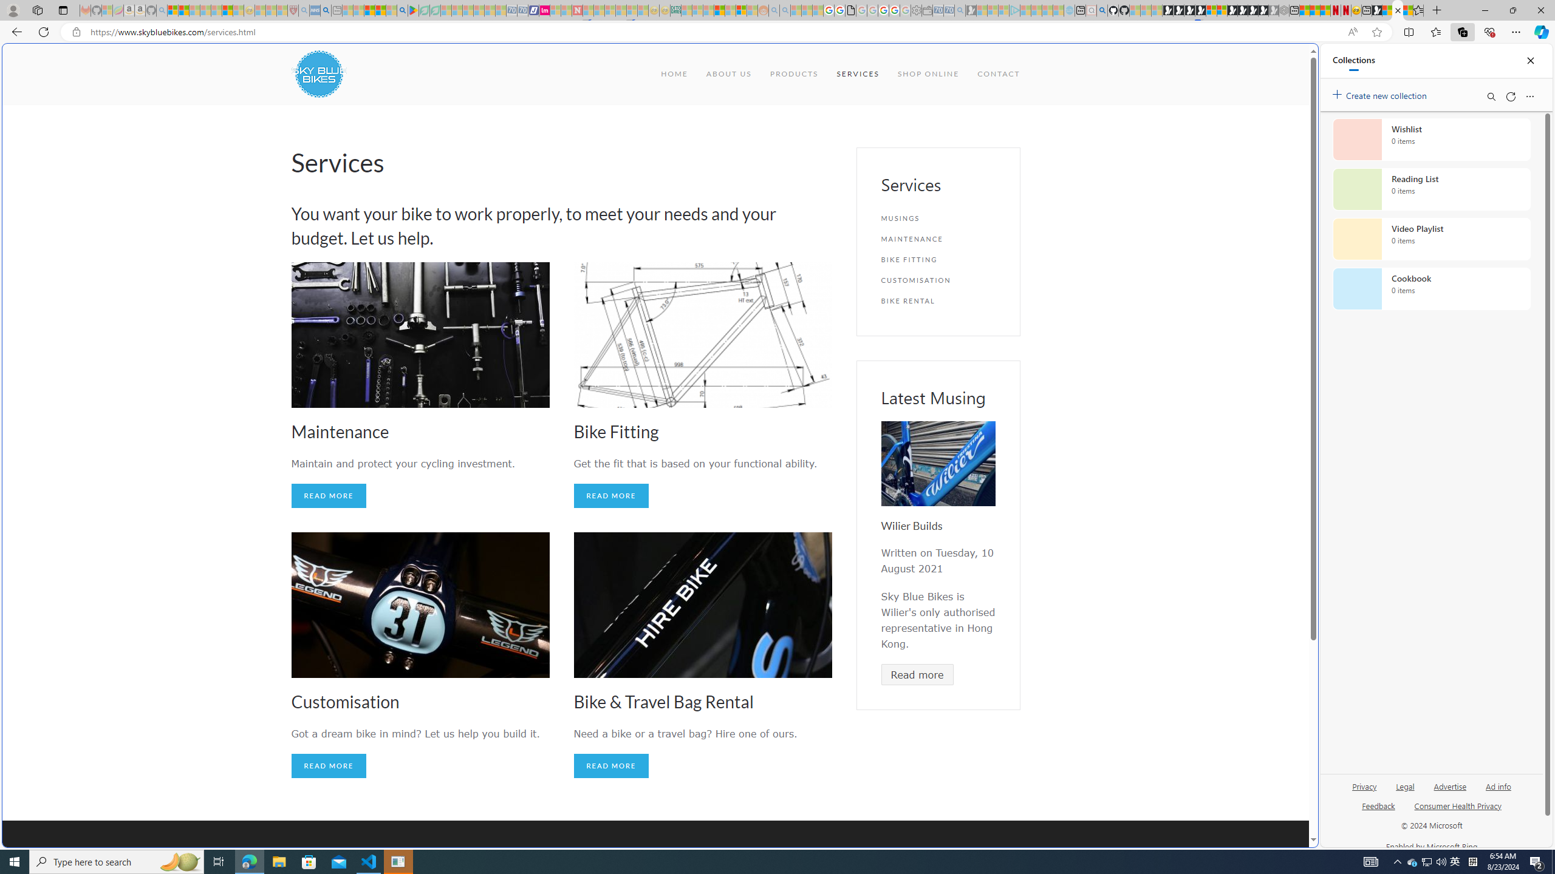 The image size is (1555, 874). Describe the element at coordinates (938, 279) in the screenshot. I see `'CUSTOMISATION'` at that location.